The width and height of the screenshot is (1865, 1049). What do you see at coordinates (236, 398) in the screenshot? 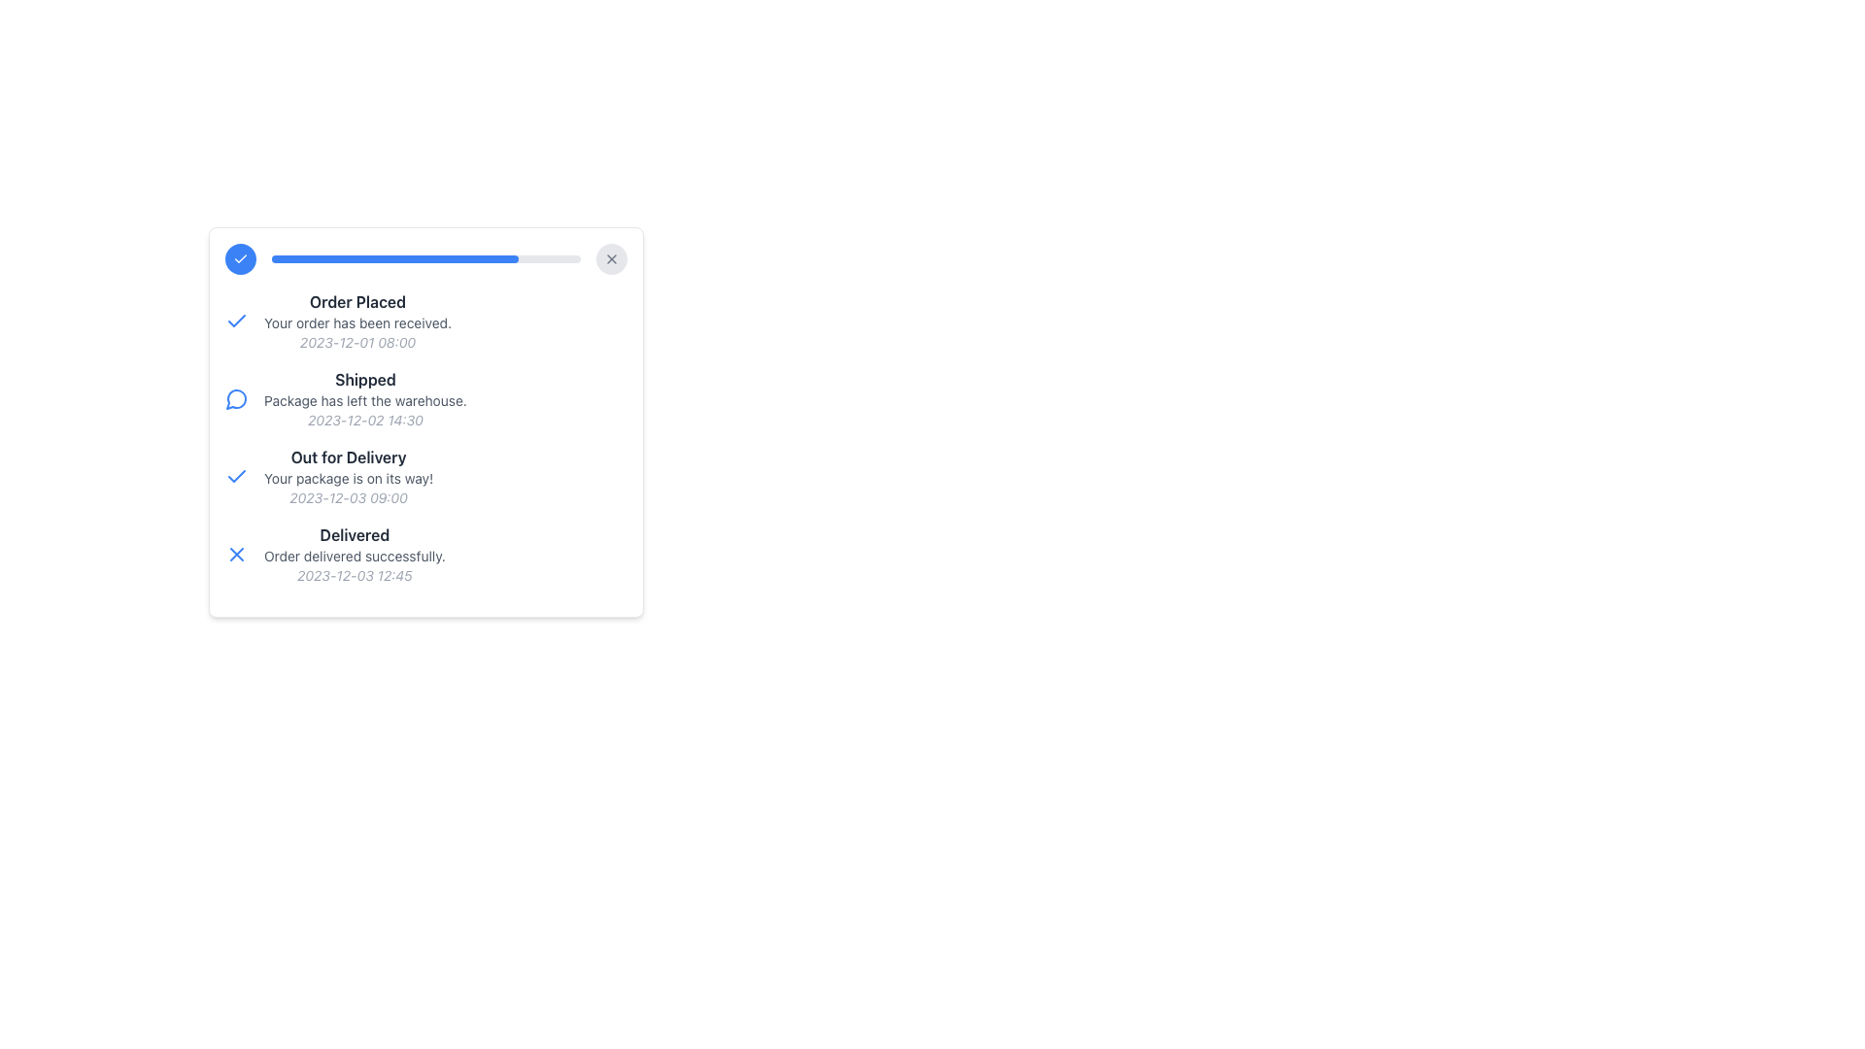
I see `the communication icon indicating 'Shipped' status, located in the left section of the 'Shipped' row` at bounding box center [236, 398].